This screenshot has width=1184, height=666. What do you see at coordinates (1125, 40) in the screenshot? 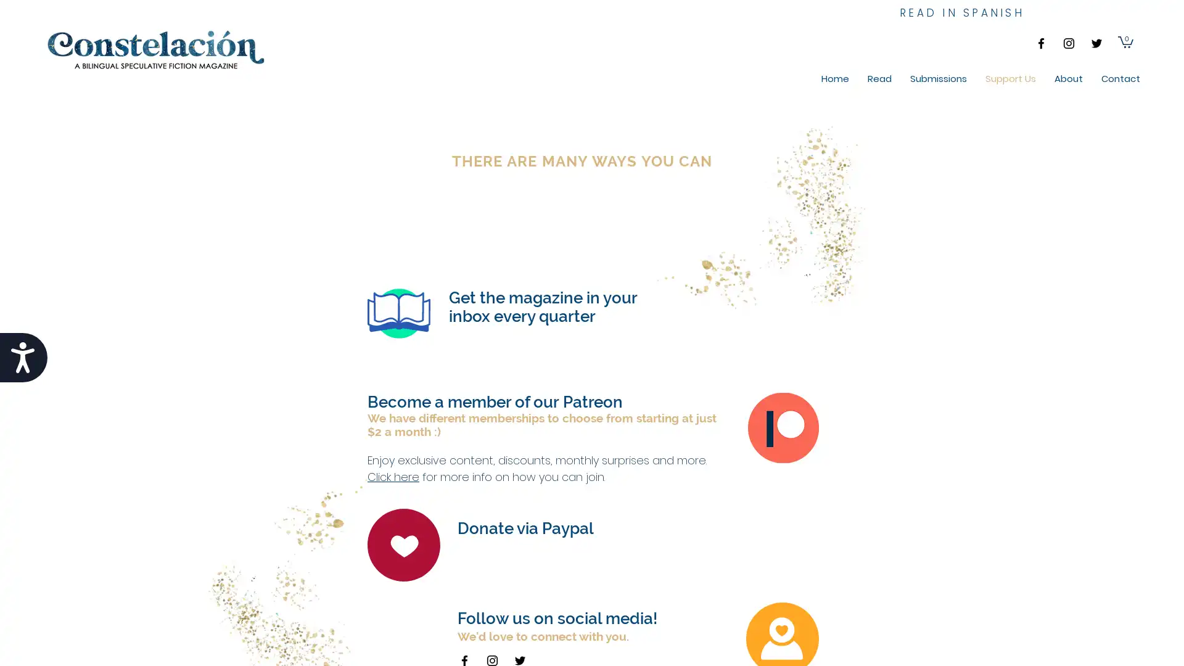
I see `Cart with 0 items` at bounding box center [1125, 40].